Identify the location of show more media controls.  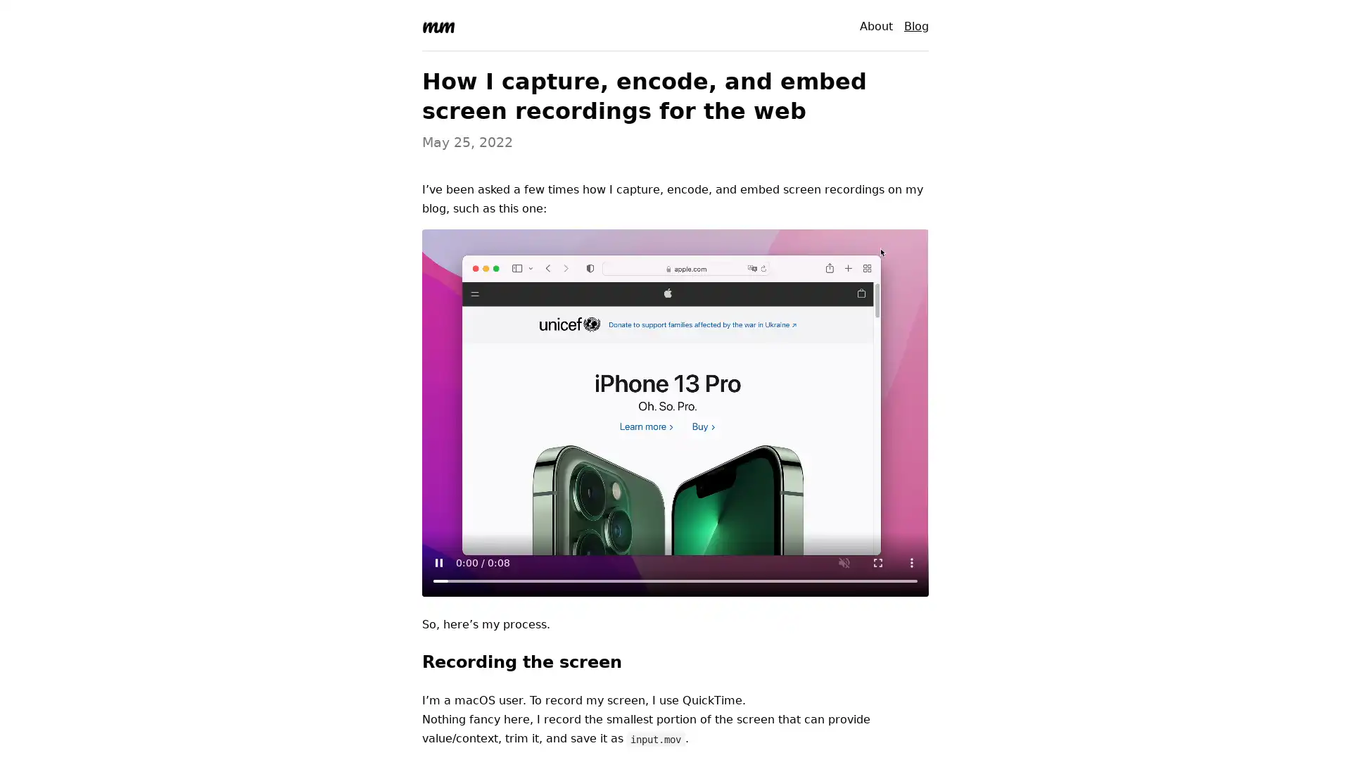
(912, 562).